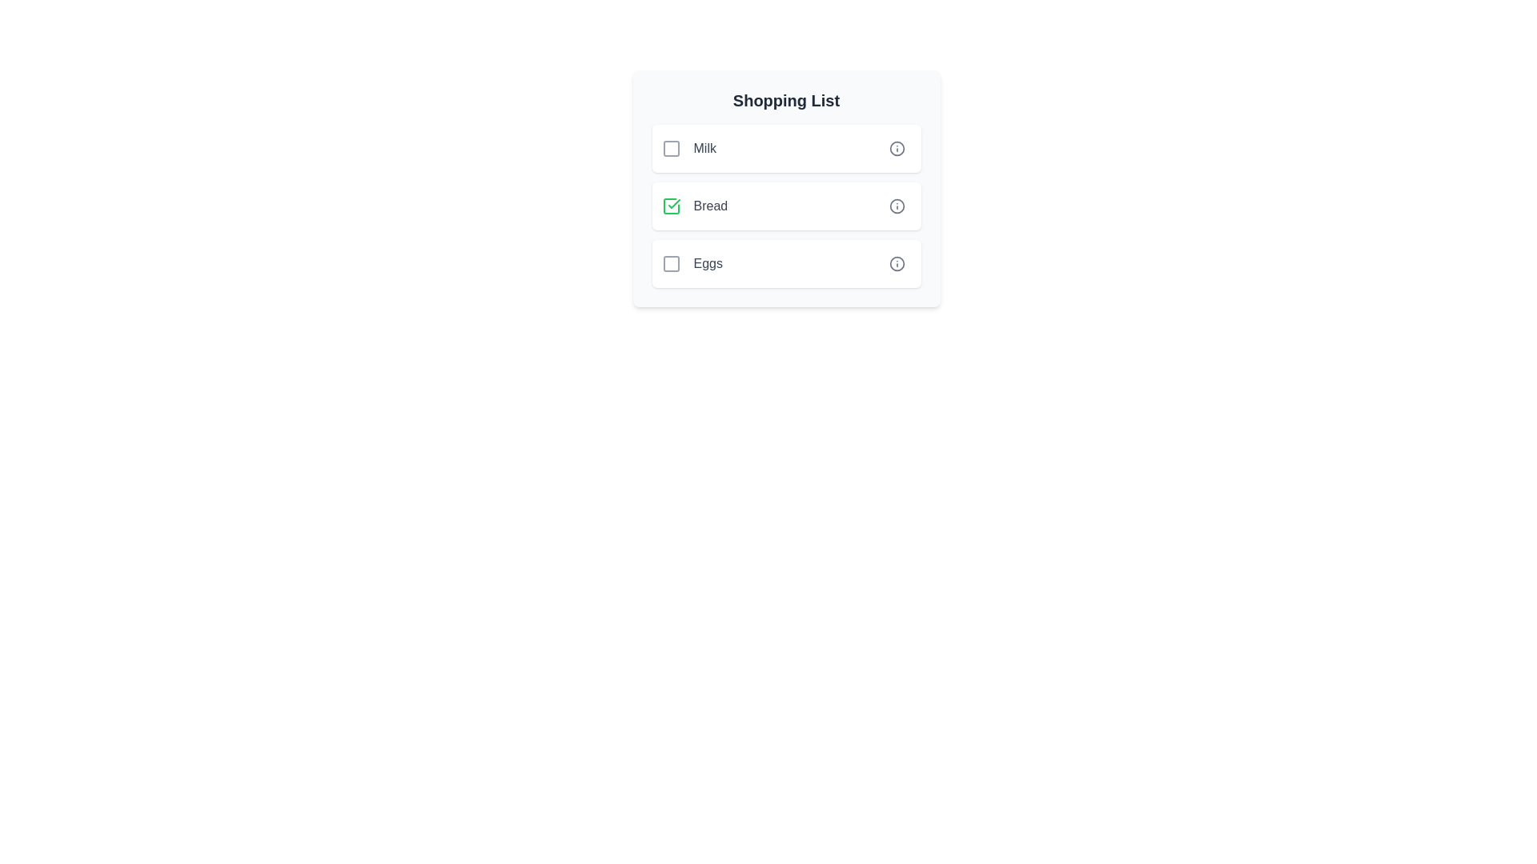 The width and height of the screenshot is (1537, 864). Describe the element at coordinates (897, 263) in the screenshot. I see `information button next to Eggs` at that location.